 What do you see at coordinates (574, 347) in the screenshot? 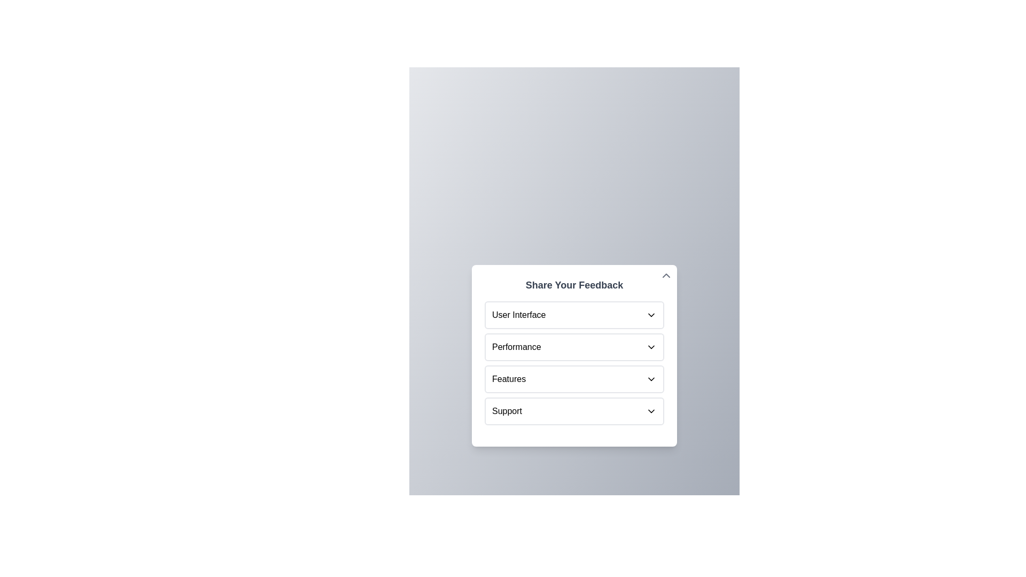
I see `the 'Performance' option in the second row of the selectable dropdown under the 'Share Your Feedback' section` at bounding box center [574, 347].